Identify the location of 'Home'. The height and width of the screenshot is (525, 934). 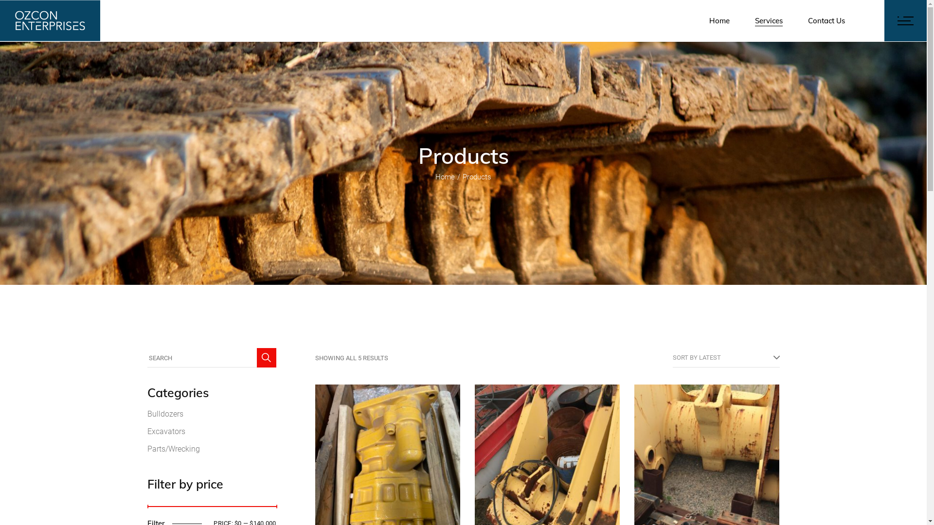
(719, 20).